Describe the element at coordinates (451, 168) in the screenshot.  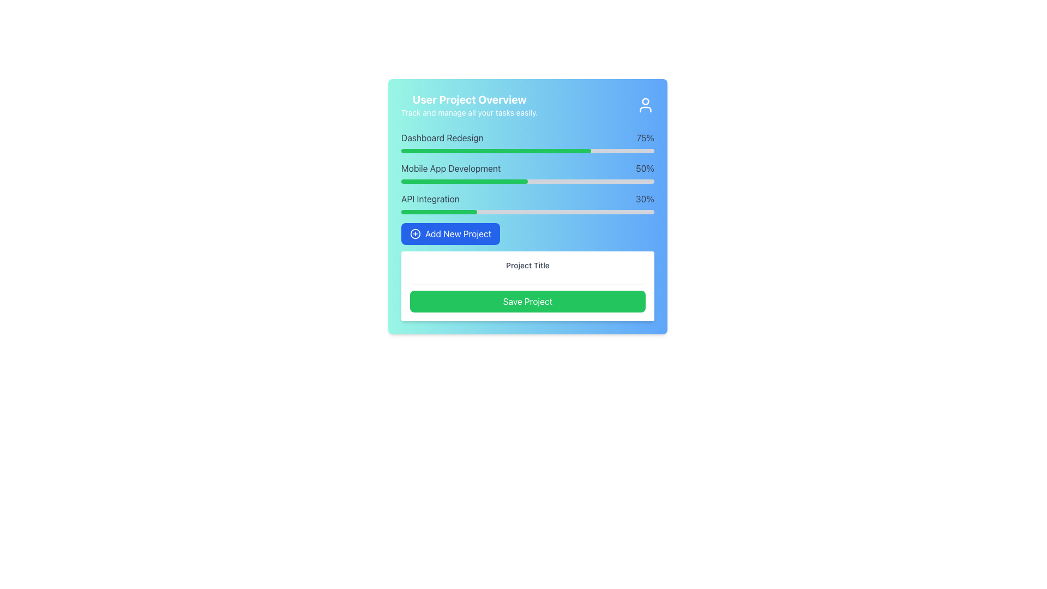
I see `the text label 'Mobile App Development' which is the second row in a list of topics, located between 'Dashboard Redesign' and 'API Integration' with a percentage '50%' displayed to the right` at that location.